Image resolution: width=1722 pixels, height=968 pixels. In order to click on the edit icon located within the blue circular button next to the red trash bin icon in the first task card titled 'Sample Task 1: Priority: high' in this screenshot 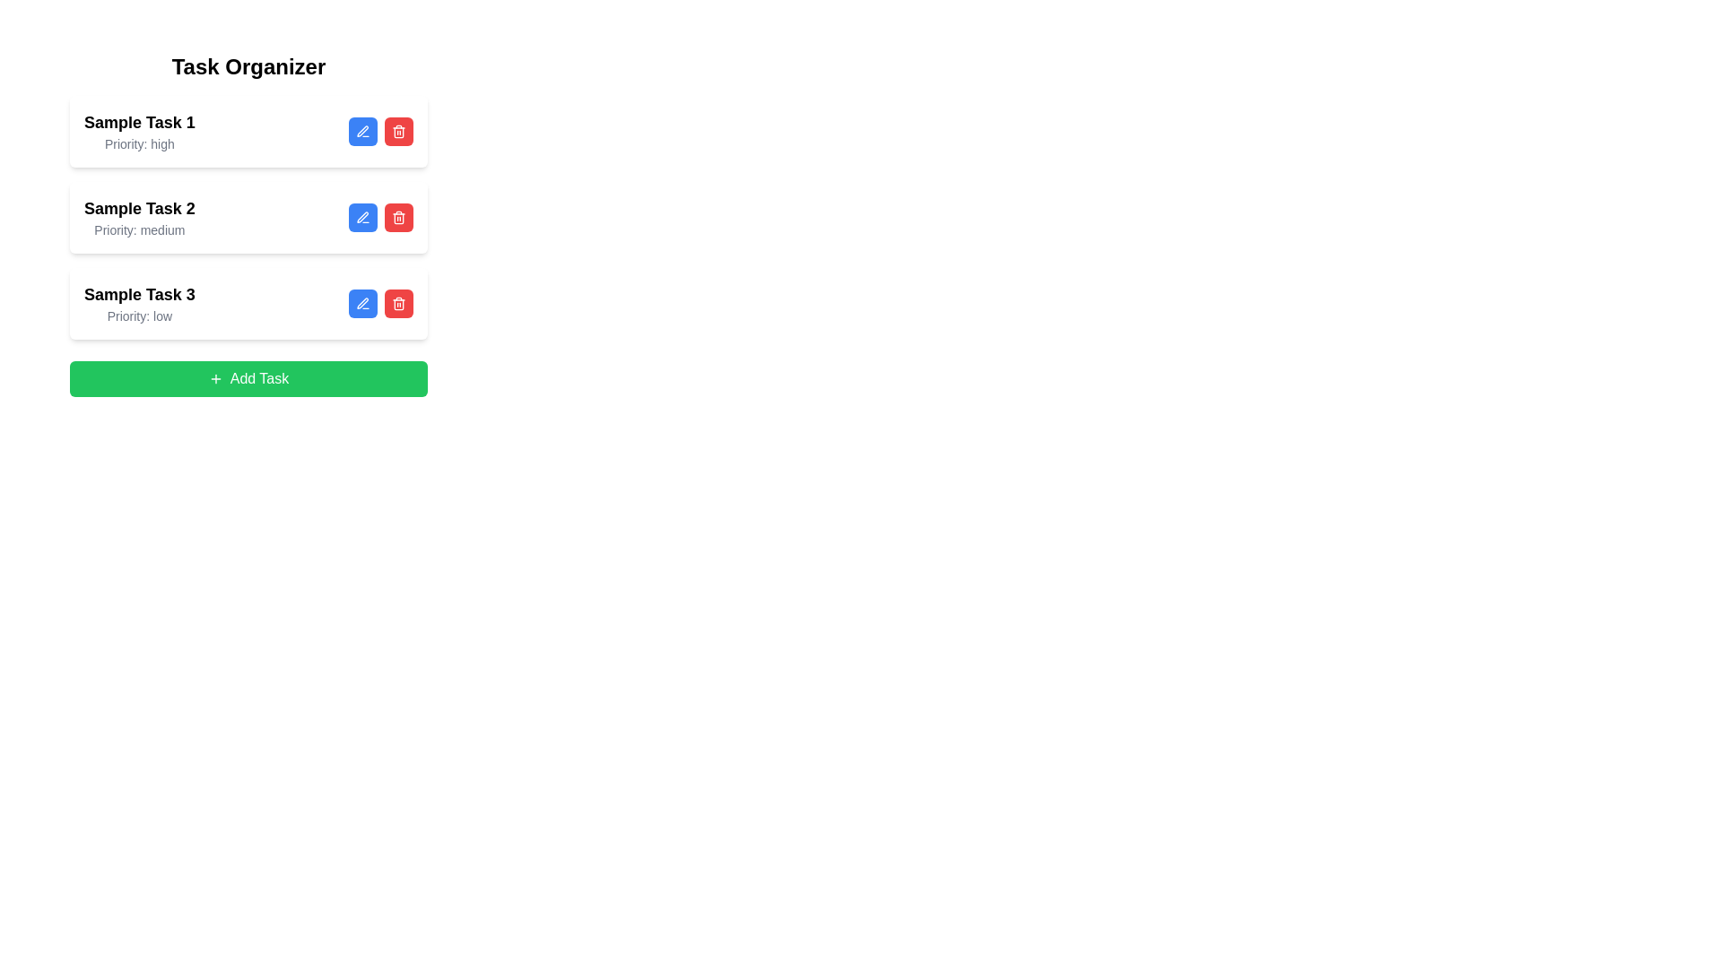, I will do `click(361, 130)`.